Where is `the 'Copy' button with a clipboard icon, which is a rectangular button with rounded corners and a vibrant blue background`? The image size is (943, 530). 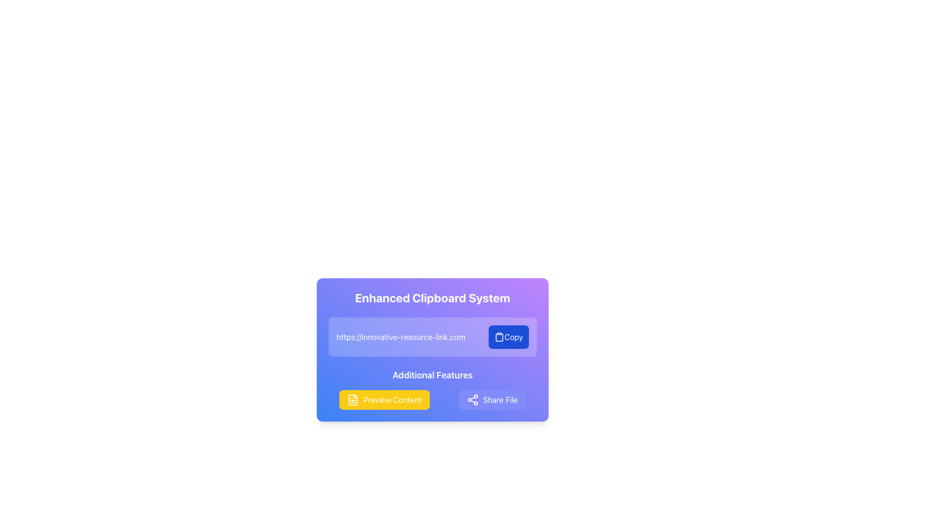 the 'Copy' button with a clipboard icon, which is a rectangular button with rounded corners and a vibrant blue background is located at coordinates (509, 336).